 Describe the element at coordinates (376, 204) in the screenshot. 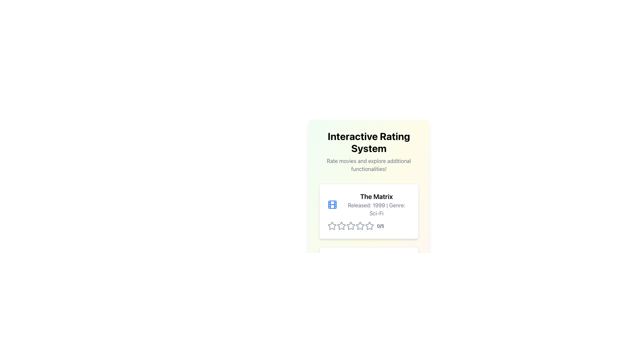

I see `the static text display showing information about the movie 'The Matrix', which includes the title in bold and details about the release year and genre` at that location.